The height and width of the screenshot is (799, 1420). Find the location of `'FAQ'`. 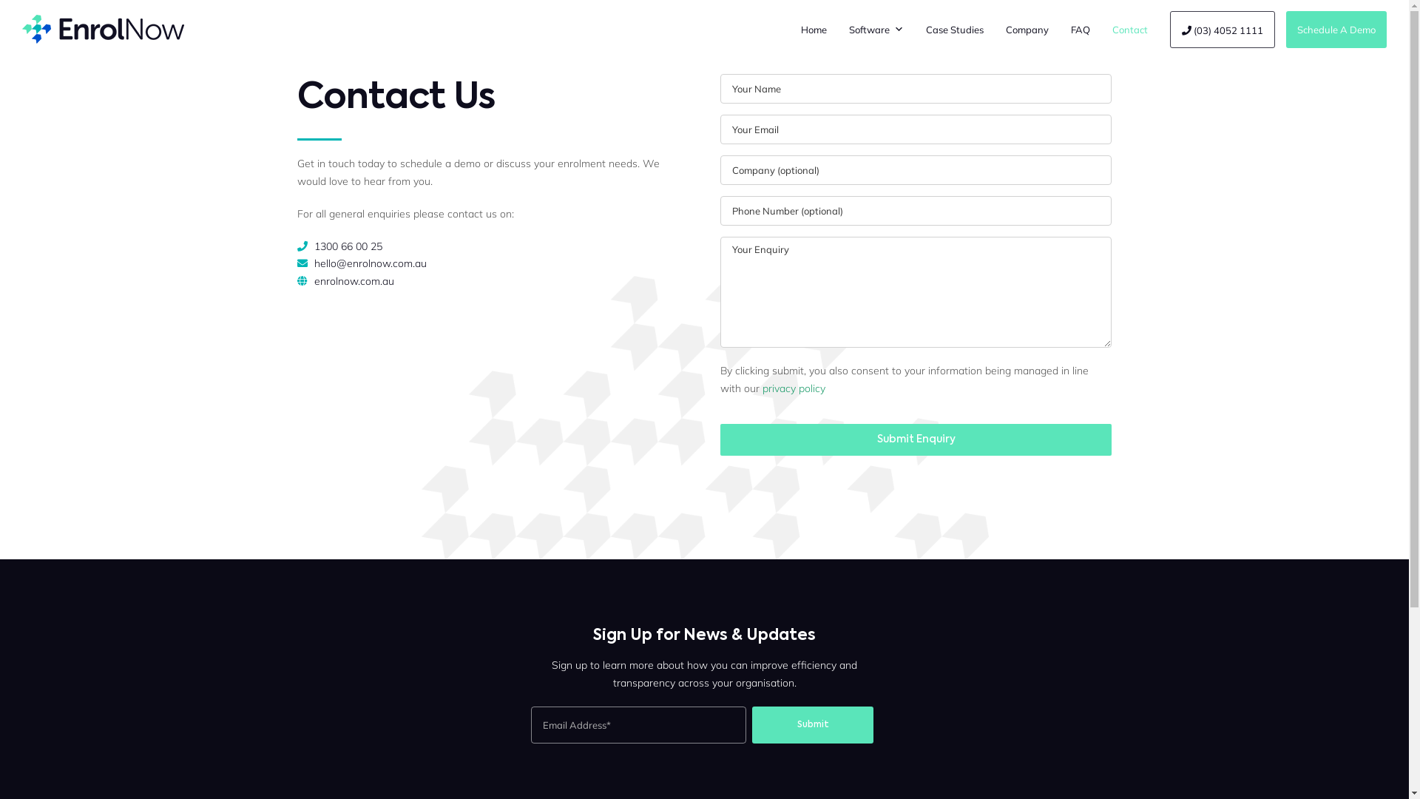

'FAQ' is located at coordinates (1059, 29).